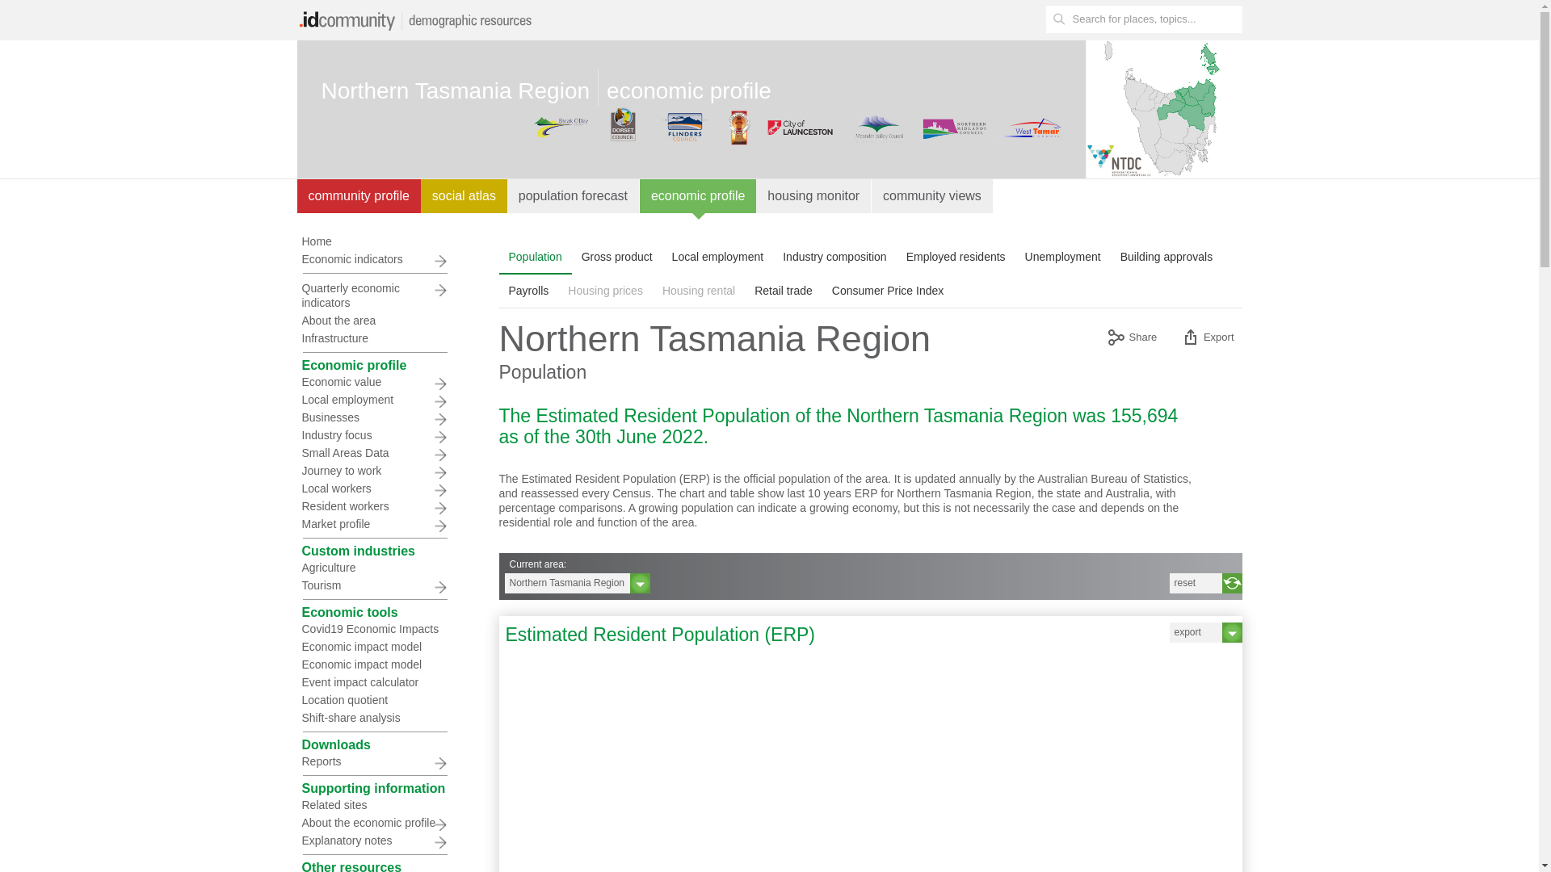  Describe the element at coordinates (372, 761) in the screenshot. I see `'Reports` at that location.